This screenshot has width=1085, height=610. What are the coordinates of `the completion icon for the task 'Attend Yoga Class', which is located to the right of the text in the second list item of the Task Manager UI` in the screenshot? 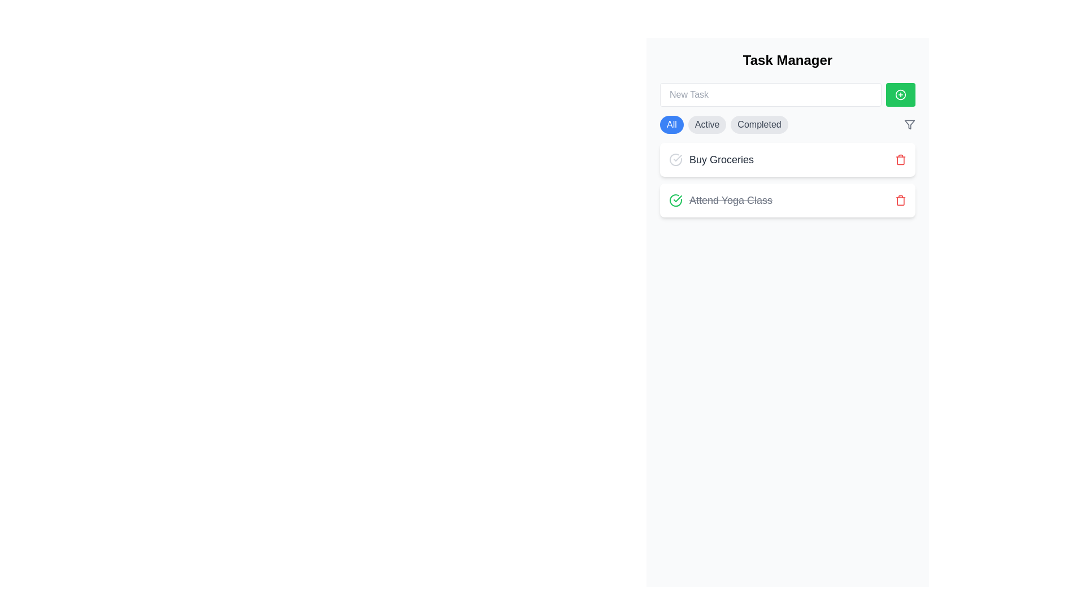 It's located at (678, 198).